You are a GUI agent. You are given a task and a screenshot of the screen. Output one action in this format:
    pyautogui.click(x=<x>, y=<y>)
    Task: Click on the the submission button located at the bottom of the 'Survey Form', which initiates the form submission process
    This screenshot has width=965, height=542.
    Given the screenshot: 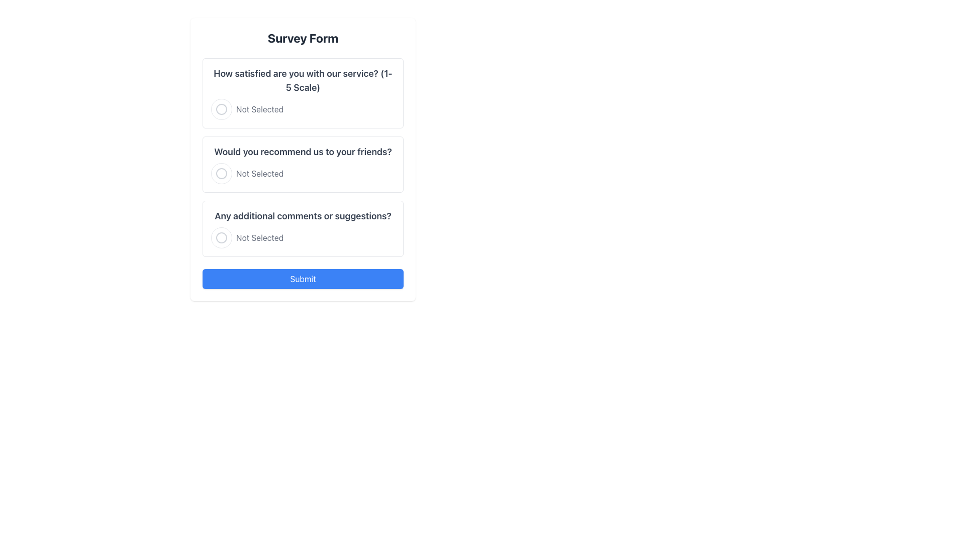 What is the action you would take?
    pyautogui.click(x=303, y=279)
    